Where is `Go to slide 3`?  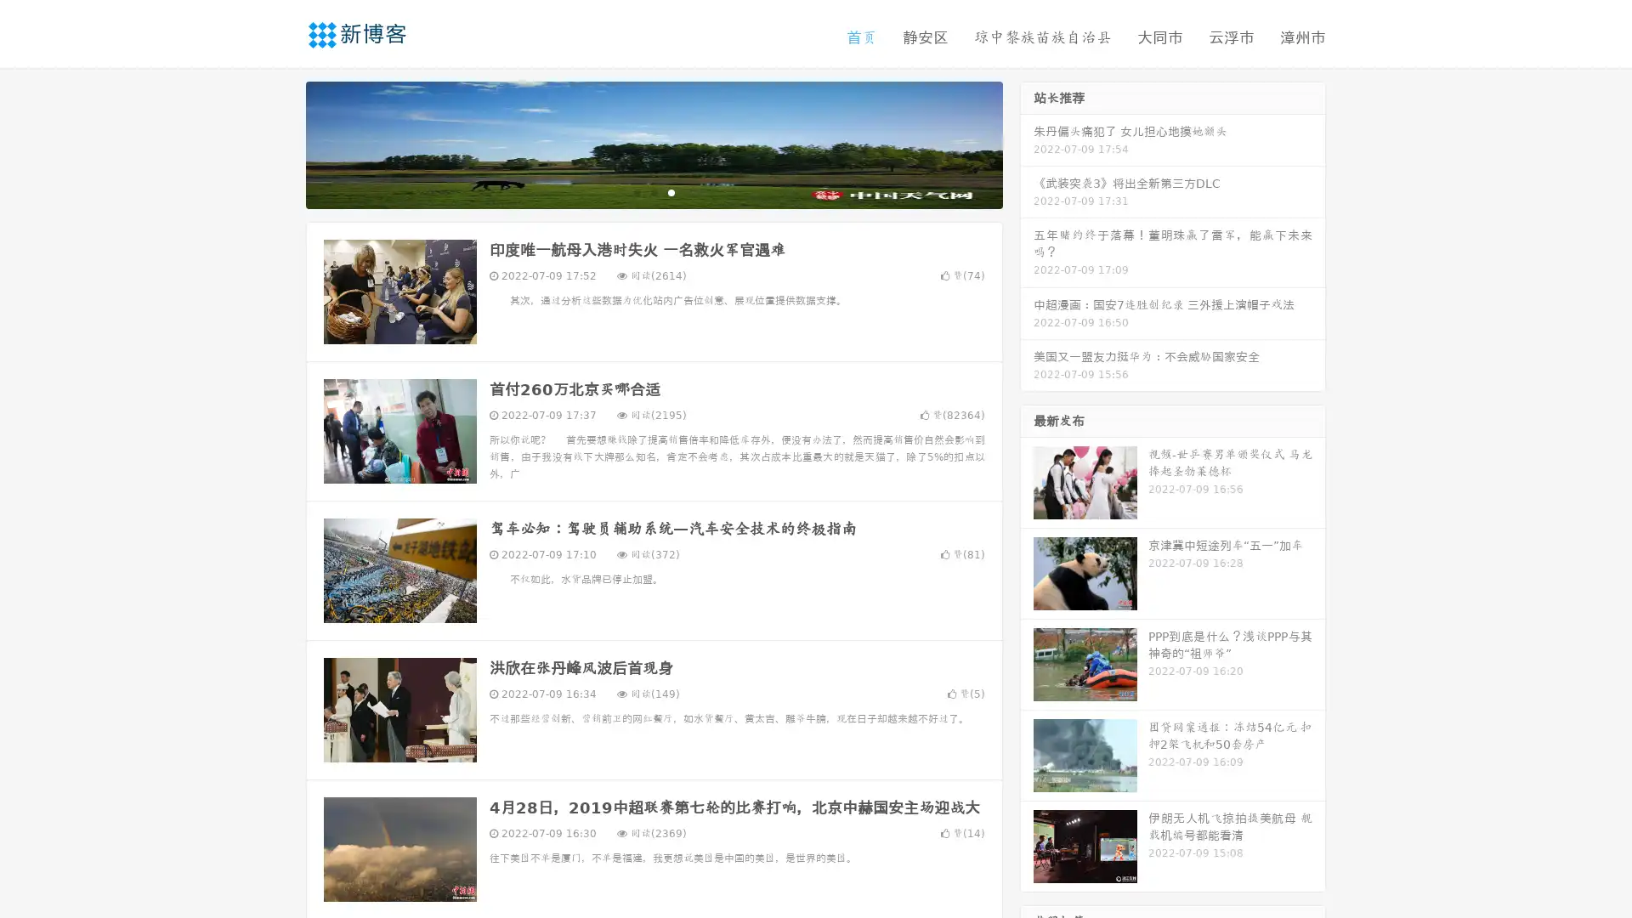 Go to slide 3 is located at coordinates (671, 191).